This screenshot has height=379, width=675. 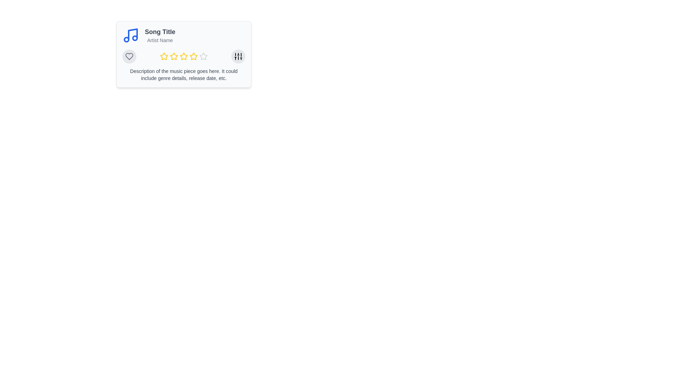 What do you see at coordinates (127, 39) in the screenshot?
I see `the Decorative SVG circle within the music note icon, located at the top-left corner of the card interface` at bounding box center [127, 39].